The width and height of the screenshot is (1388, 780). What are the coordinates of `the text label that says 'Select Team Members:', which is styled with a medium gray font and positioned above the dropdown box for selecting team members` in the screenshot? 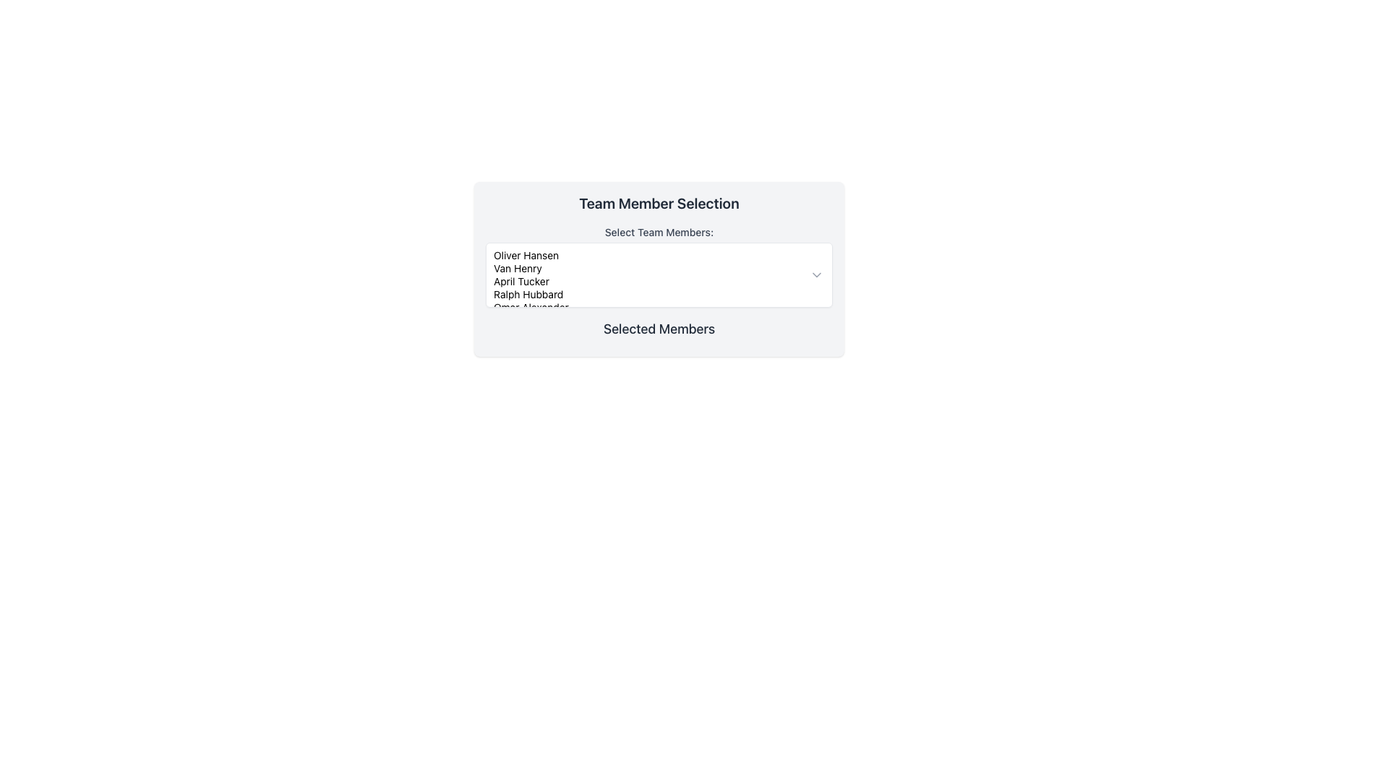 It's located at (659, 231).